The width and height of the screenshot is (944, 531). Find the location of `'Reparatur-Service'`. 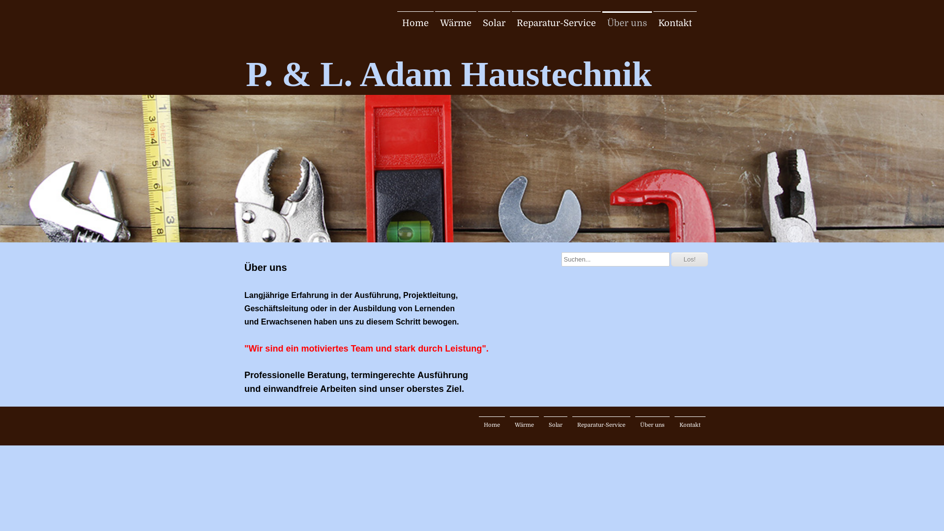

'Reparatur-Service' is located at coordinates (511, 22).